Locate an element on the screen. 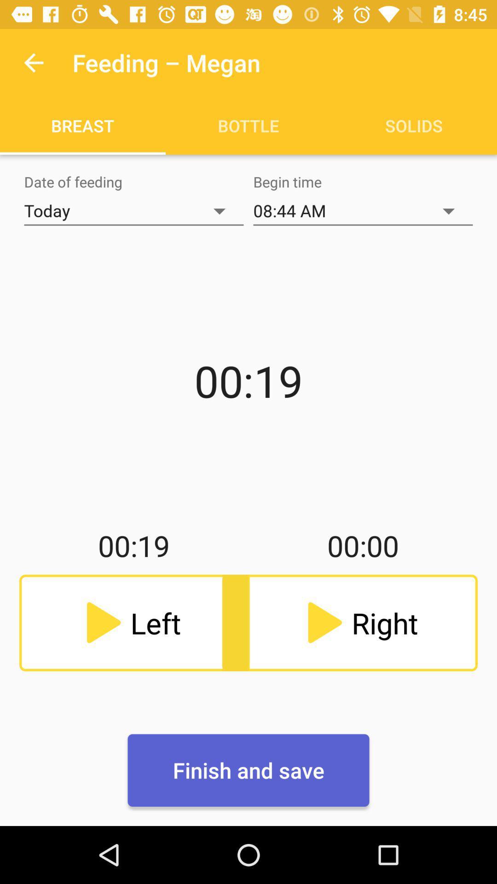 The width and height of the screenshot is (497, 884). the 08:44 am item is located at coordinates (363, 210).